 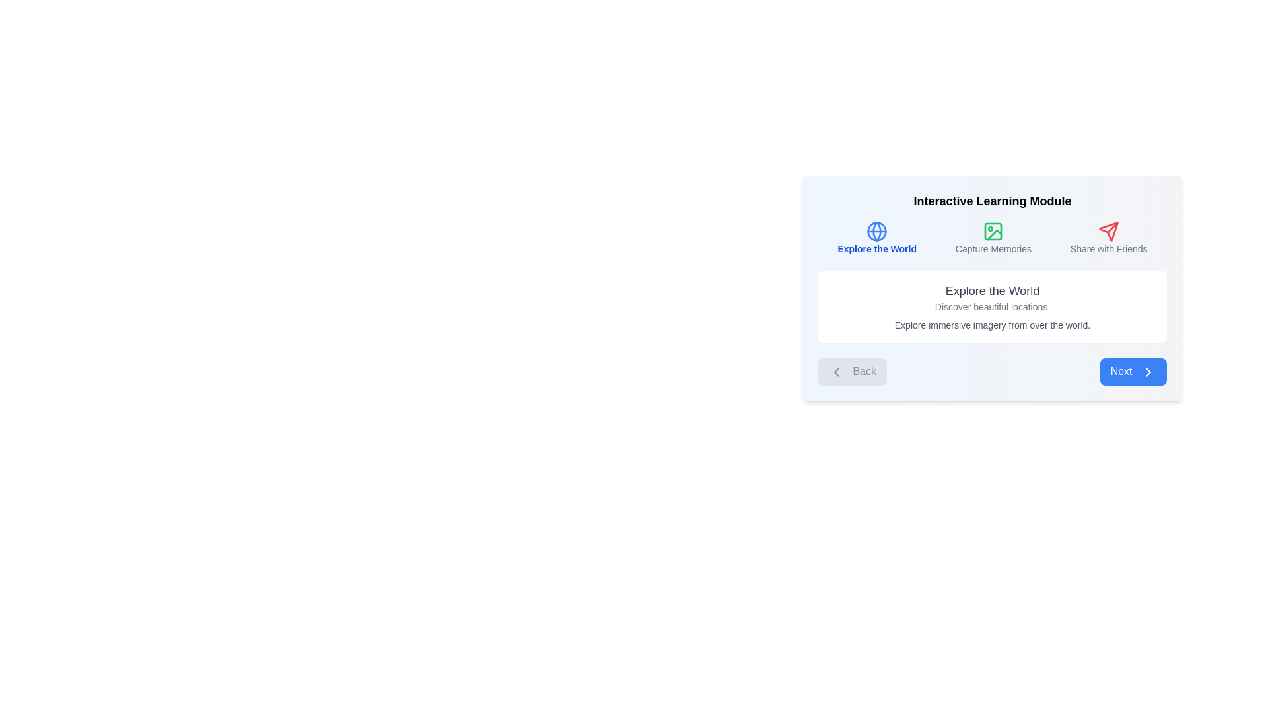 What do you see at coordinates (1147, 372) in the screenshot?
I see `the navigation suggestion icon located to the right of the 'Next' button` at bounding box center [1147, 372].